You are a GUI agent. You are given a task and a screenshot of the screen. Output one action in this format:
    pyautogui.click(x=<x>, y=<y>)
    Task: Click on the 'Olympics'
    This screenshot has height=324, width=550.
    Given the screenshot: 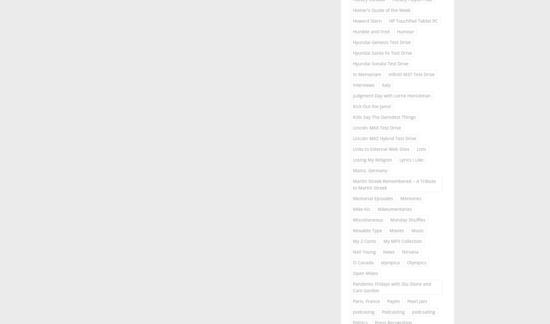 What is the action you would take?
    pyautogui.click(x=416, y=262)
    